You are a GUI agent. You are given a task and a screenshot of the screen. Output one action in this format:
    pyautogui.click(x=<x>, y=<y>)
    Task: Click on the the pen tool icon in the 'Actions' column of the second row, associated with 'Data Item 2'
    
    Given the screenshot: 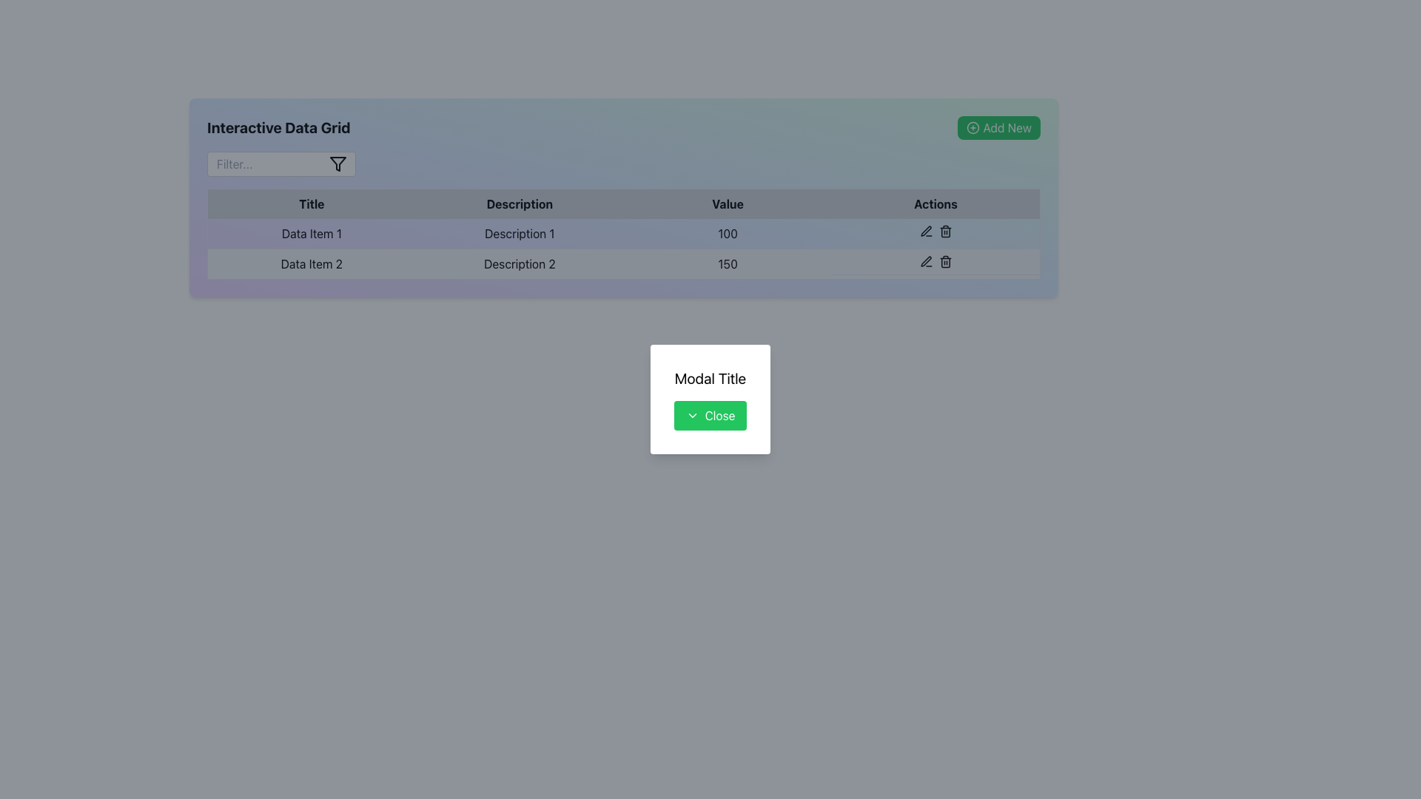 What is the action you would take?
    pyautogui.click(x=925, y=231)
    